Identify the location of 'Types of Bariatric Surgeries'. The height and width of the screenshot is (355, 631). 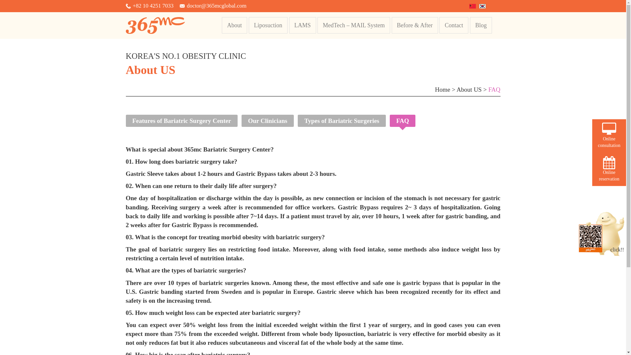
(342, 121).